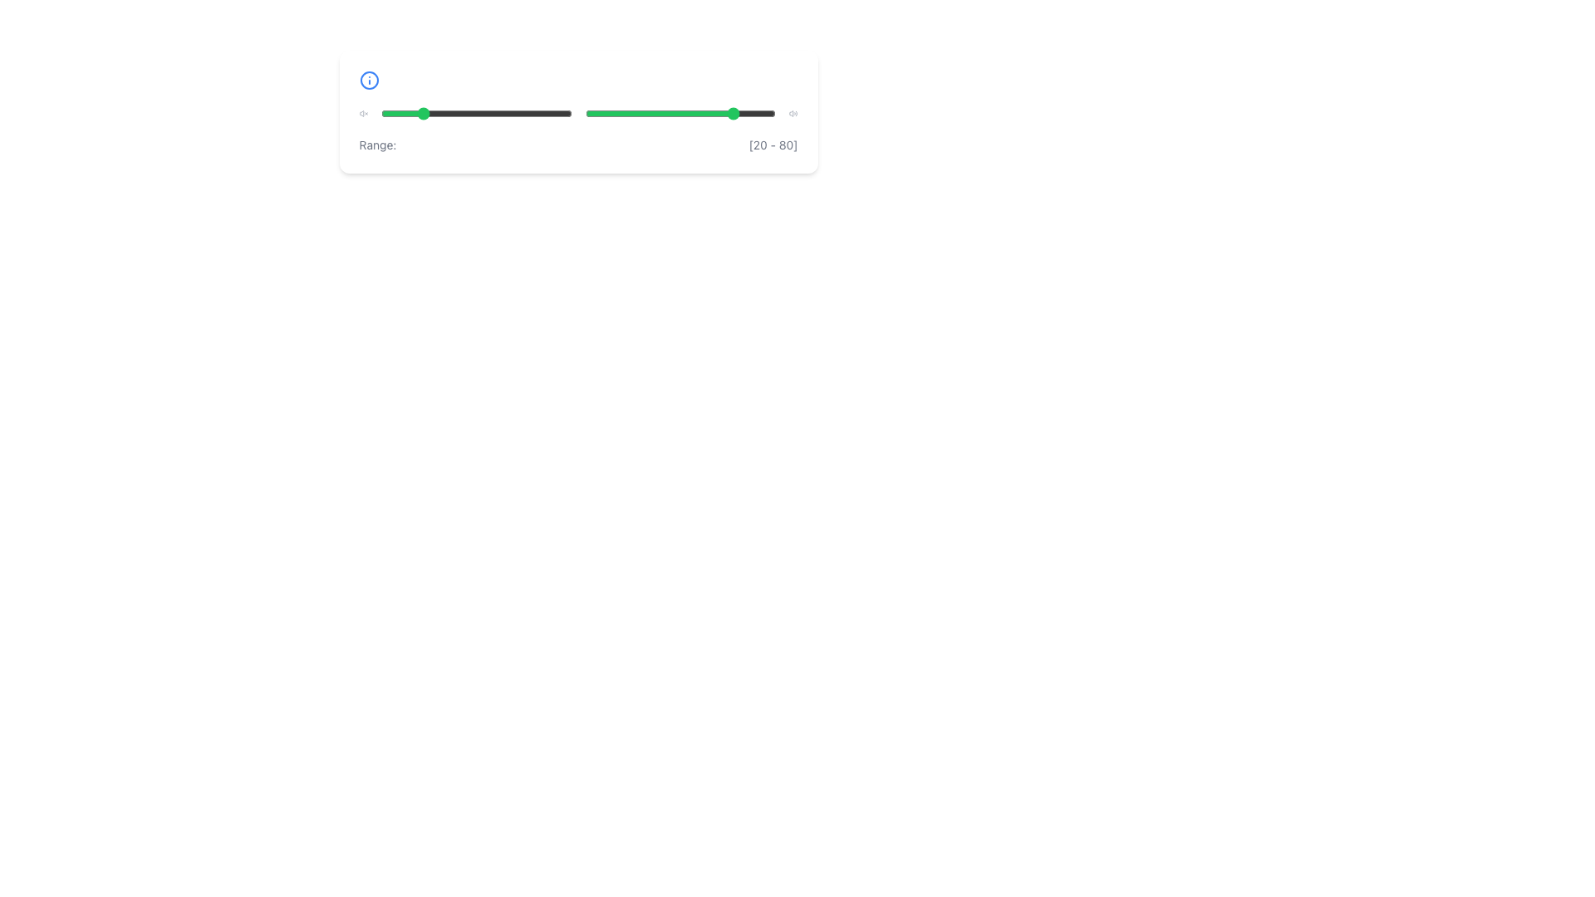  What do you see at coordinates (606, 113) in the screenshot?
I see `the slider value` at bounding box center [606, 113].